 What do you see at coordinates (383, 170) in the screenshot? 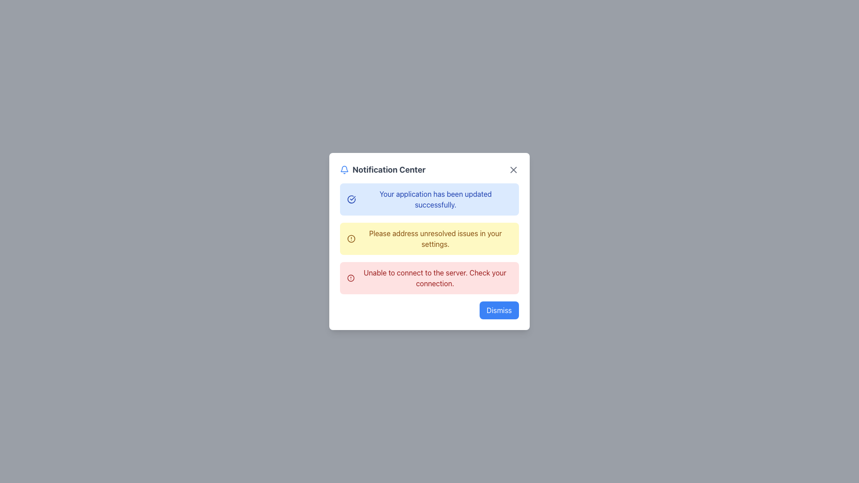
I see `'Notification Center' heading located at the top of the notification modal dialog by clicking on its center point` at bounding box center [383, 170].